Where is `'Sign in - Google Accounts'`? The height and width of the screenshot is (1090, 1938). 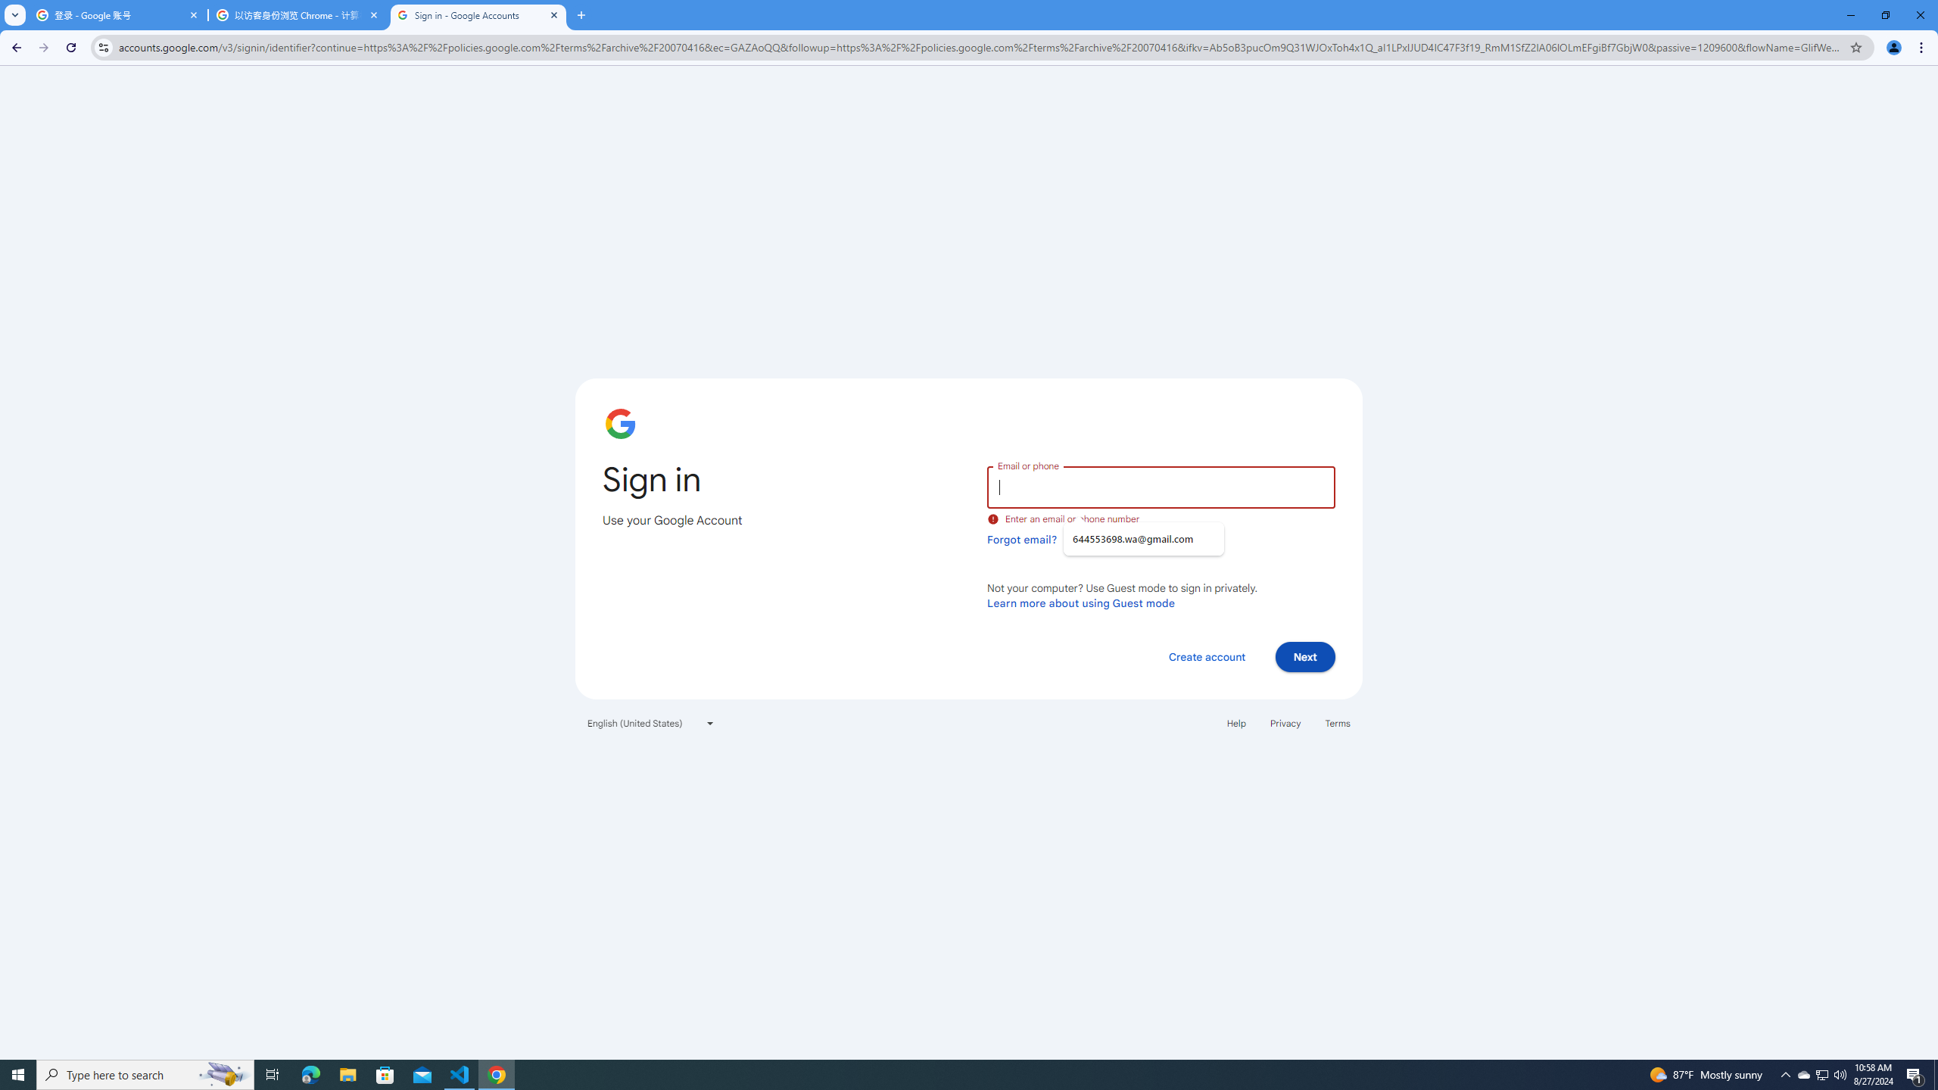
'Sign in - Google Accounts' is located at coordinates (478, 14).